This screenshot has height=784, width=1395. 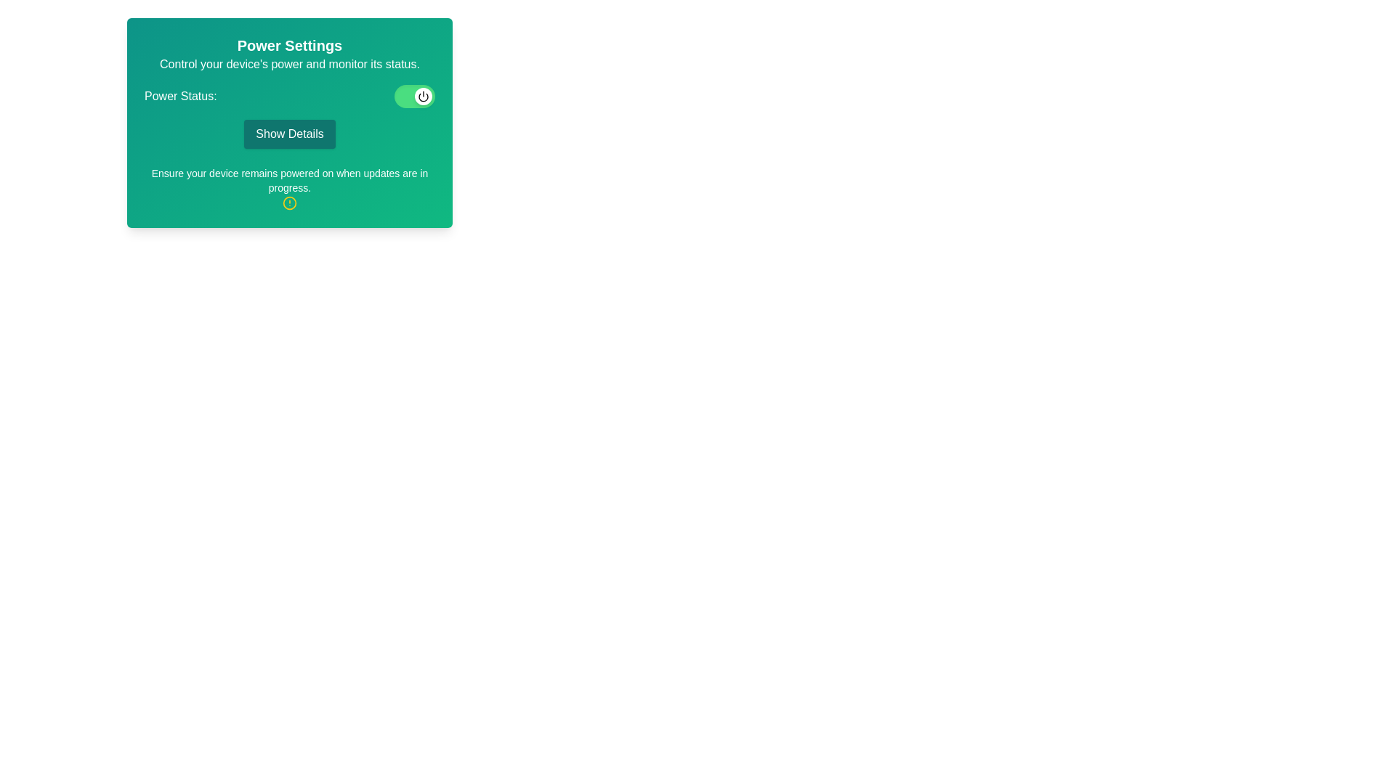 What do you see at coordinates (289, 122) in the screenshot?
I see `the 'Show Details' button, which has a teal background, rounded corners, and bold white text` at bounding box center [289, 122].